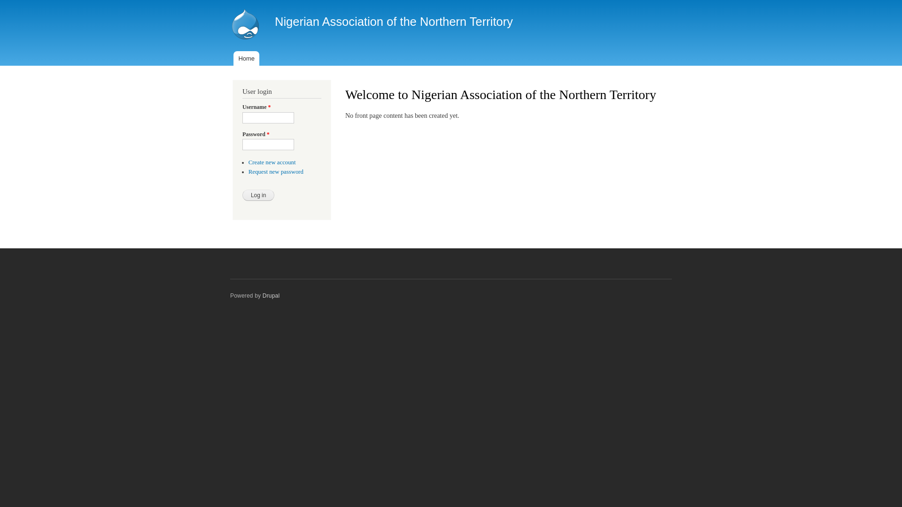  What do you see at coordinates (246, 58) in the screenshot?
I see `'Home'` at bounding box center [246, 58].